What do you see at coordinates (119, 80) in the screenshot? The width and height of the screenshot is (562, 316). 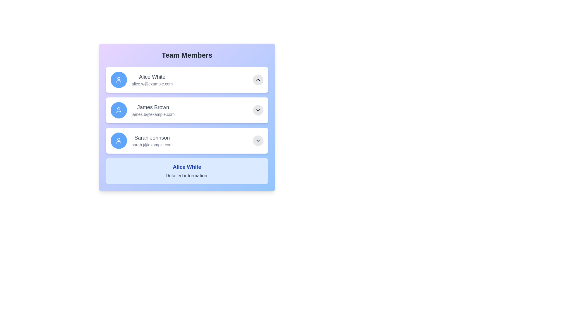 I see `the user icon resembling a person, which is located directly to the left of the text 'Alice White' and their email address` at bounding box center [119, 80].